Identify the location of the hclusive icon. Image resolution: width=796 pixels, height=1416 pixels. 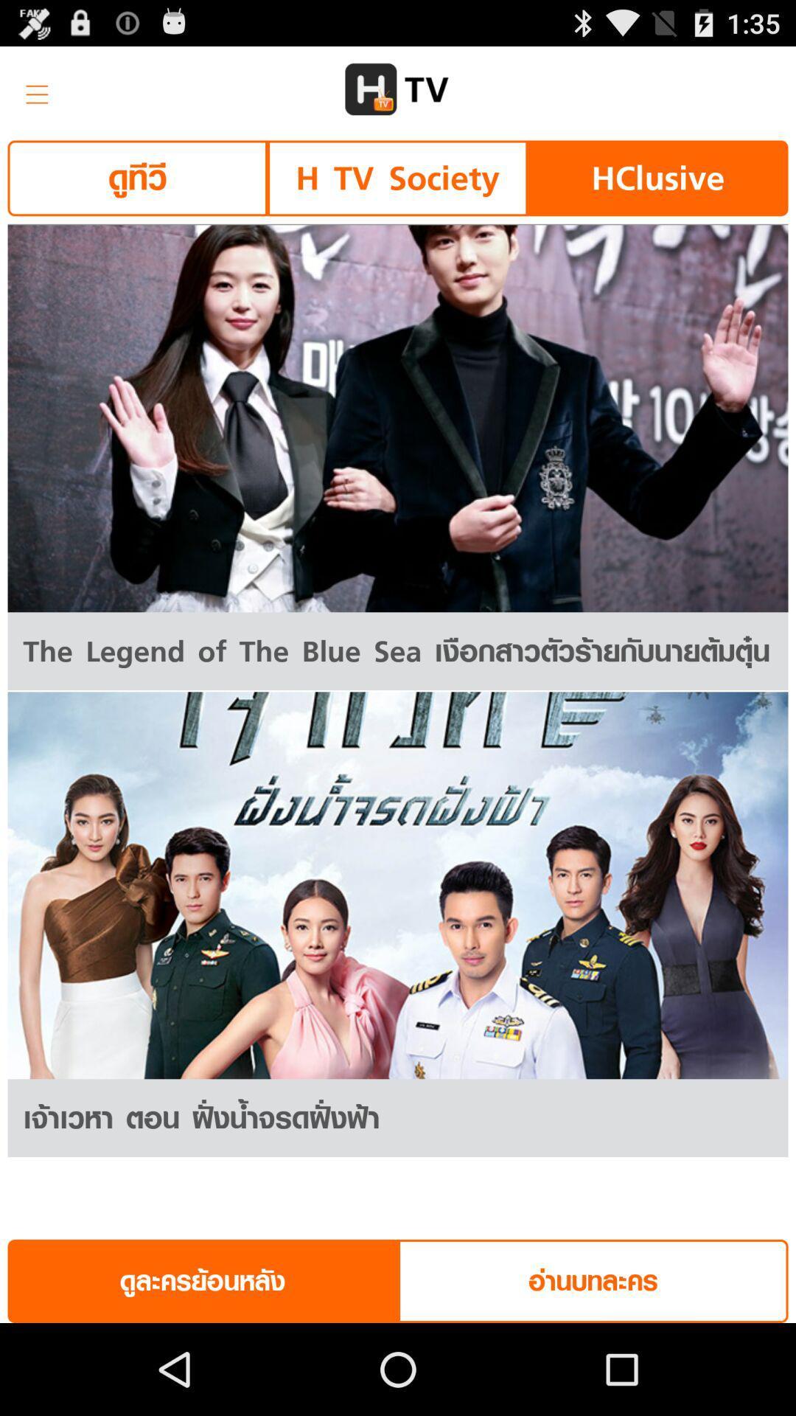
(657, 177).